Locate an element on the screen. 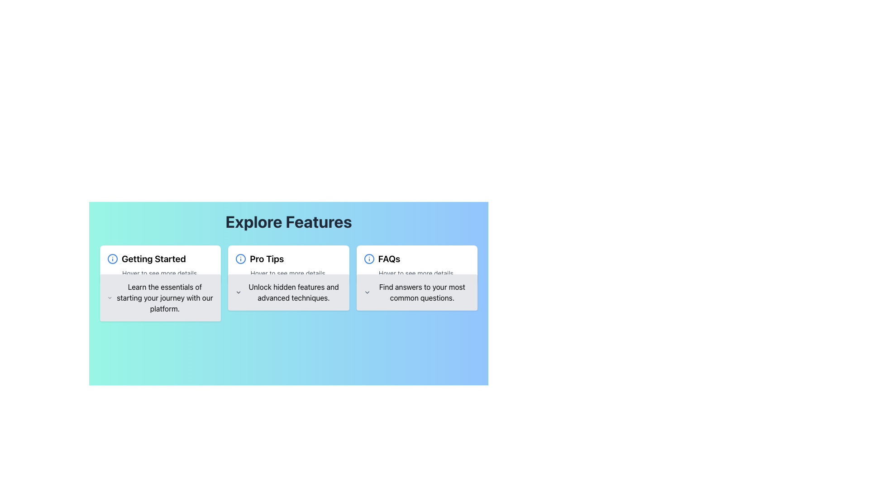 The width and height of the screenshot is (869, 489). the 'Getting Started' text label, which is styled with a bold and extra-large font in black, accompanied by a blue circular icon with an information symbol to its left is located at coordinates (160, 259).